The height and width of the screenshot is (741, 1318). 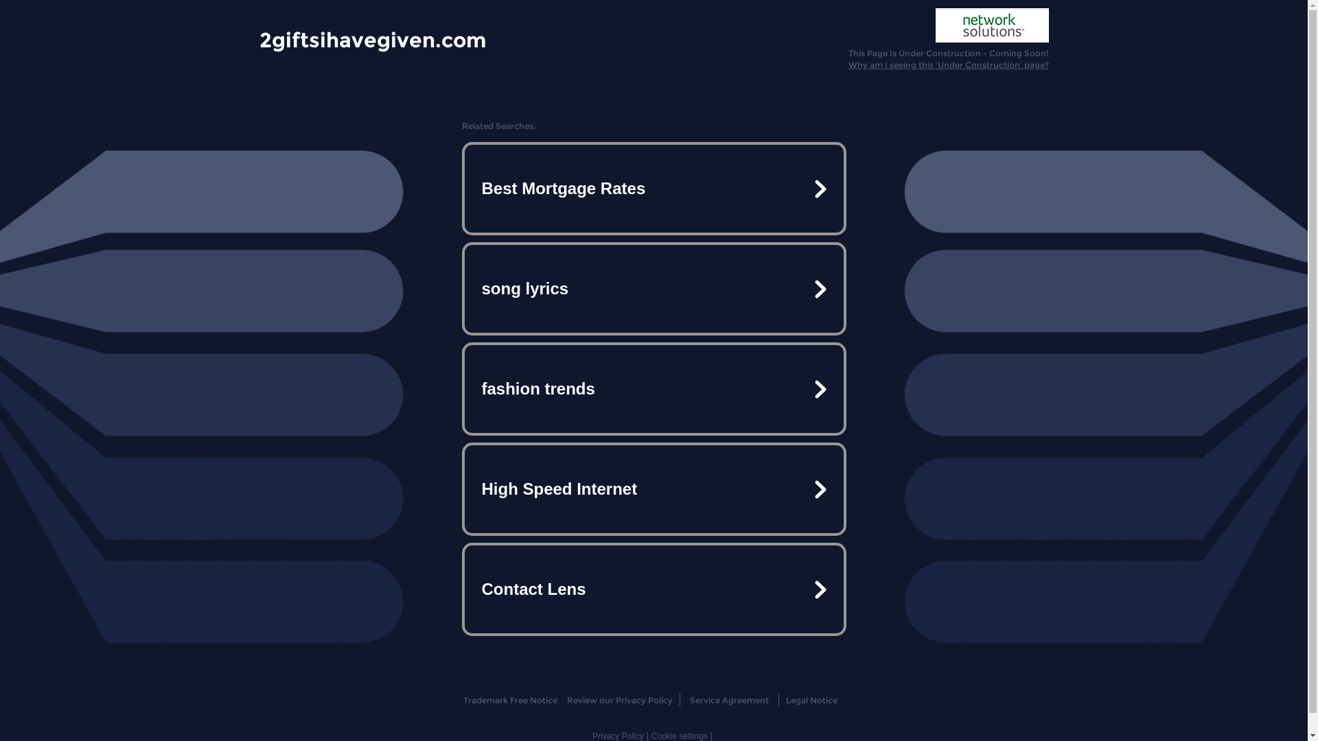 I want to click on 'fashion trends', so click(x=652, y=389).